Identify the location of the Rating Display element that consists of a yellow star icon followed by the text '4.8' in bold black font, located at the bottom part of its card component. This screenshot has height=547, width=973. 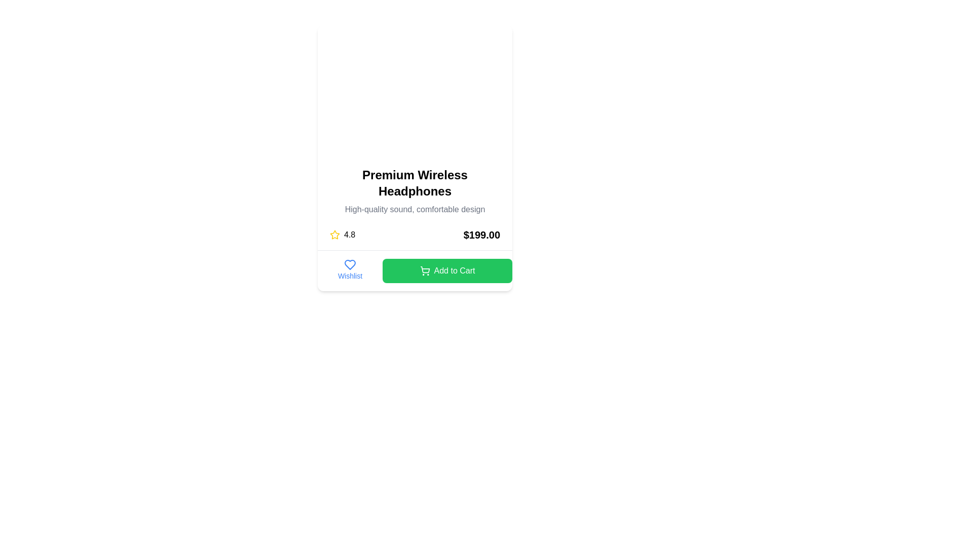
(343, 235).